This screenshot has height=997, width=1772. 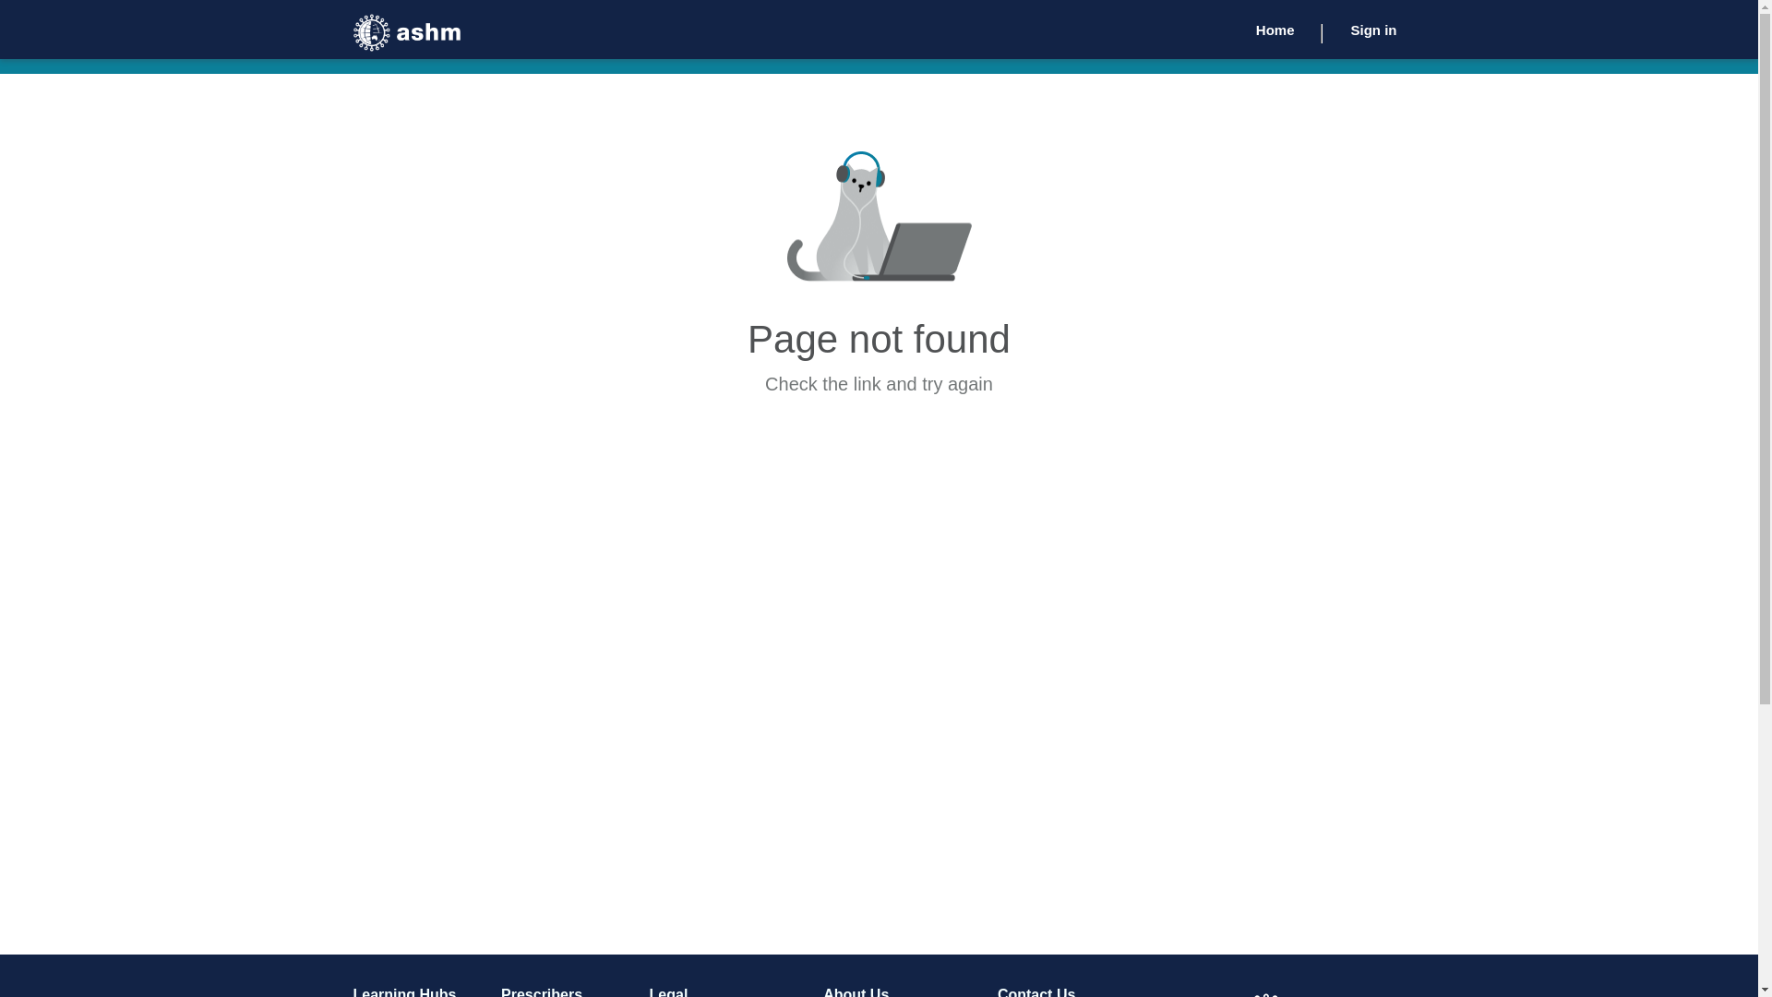 What do you see at coordinates (1275, 30) in the screenshot?
I see `'Home'` at bounding box center [1275, 30].